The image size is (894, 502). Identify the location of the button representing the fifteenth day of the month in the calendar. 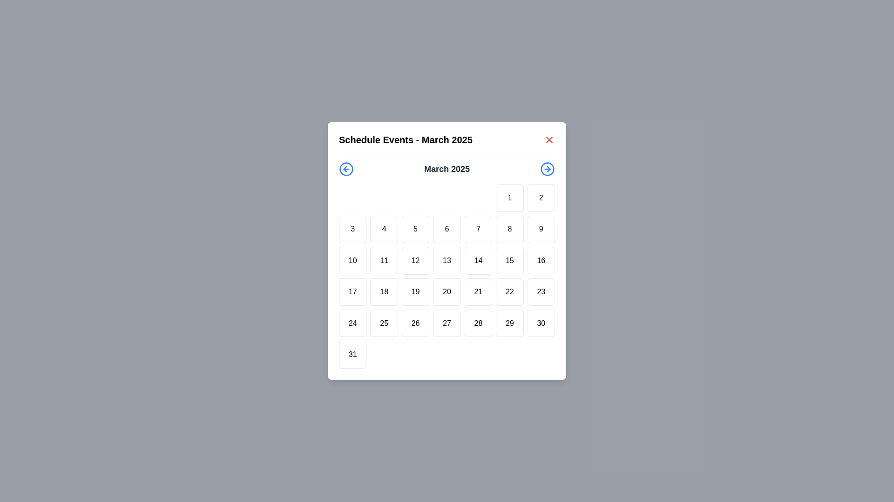
(509, 260).